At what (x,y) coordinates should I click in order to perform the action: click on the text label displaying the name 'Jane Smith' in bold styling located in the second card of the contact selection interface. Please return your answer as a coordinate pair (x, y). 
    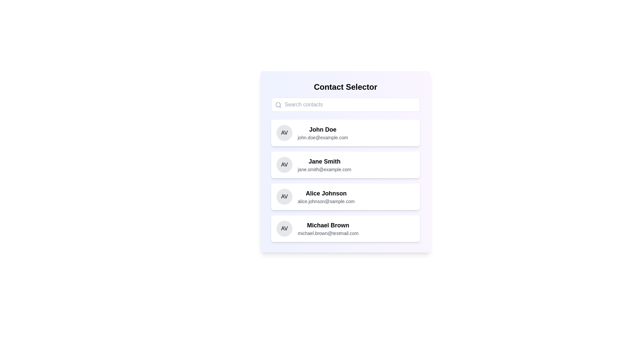
    Looking at the image, I should click on (324, 162).